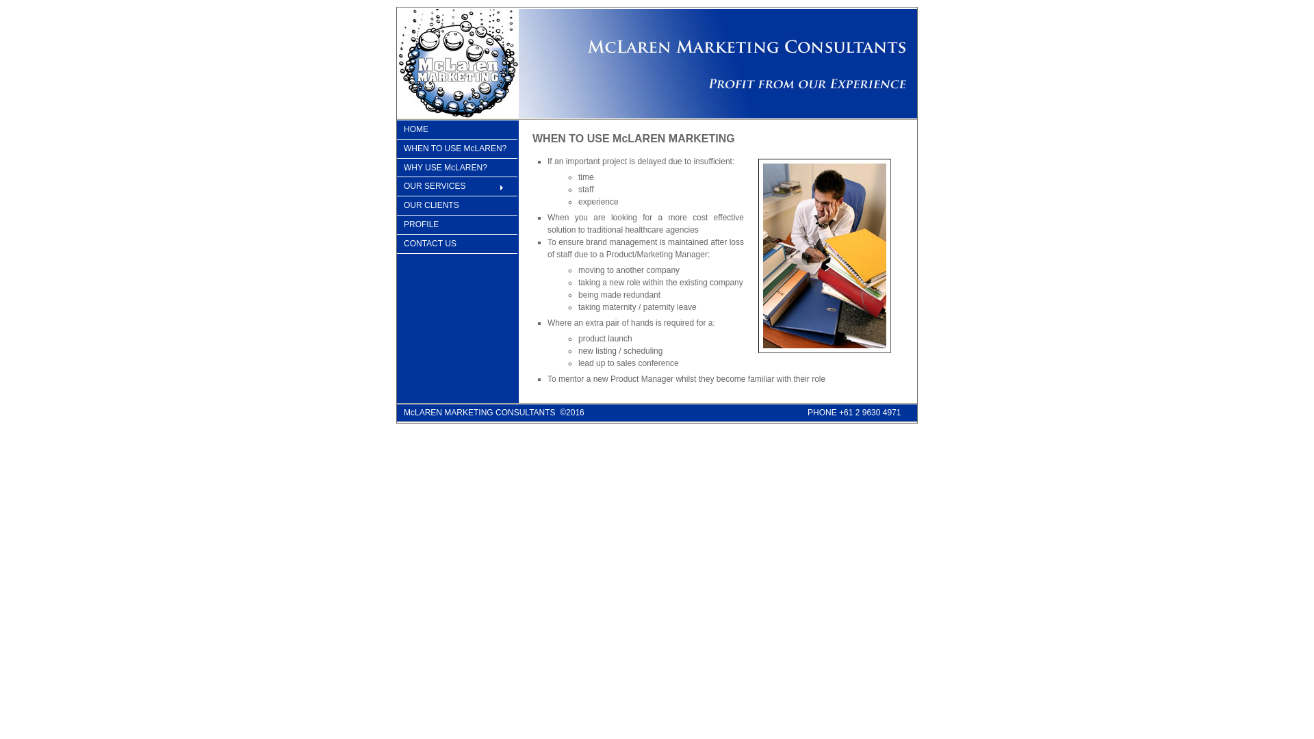 The width and height of the screenshot is (1314, 739). I want to click on 'OUR SERVICES', so click(396, 187).